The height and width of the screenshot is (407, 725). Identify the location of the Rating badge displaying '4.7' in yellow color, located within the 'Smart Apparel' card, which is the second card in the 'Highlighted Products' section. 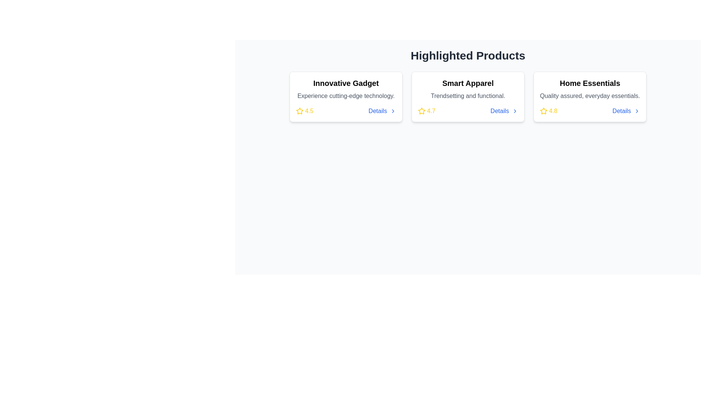
(427, 111).